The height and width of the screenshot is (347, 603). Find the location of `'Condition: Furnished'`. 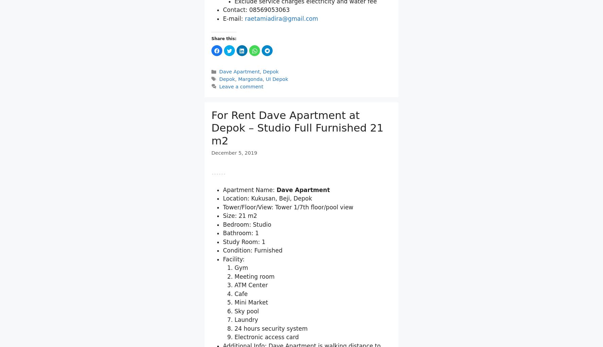

'Condition: Furnished' is located at coordinates (252, 329).